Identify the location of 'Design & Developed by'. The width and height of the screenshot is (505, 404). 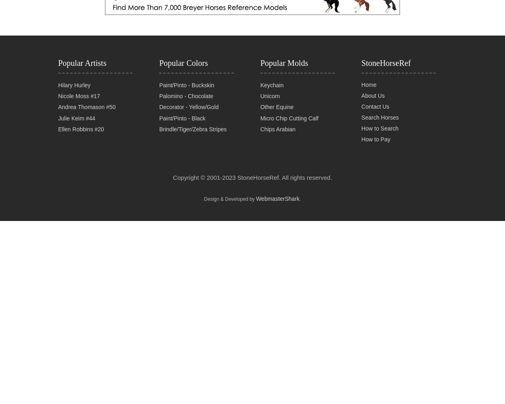
(229, 198).